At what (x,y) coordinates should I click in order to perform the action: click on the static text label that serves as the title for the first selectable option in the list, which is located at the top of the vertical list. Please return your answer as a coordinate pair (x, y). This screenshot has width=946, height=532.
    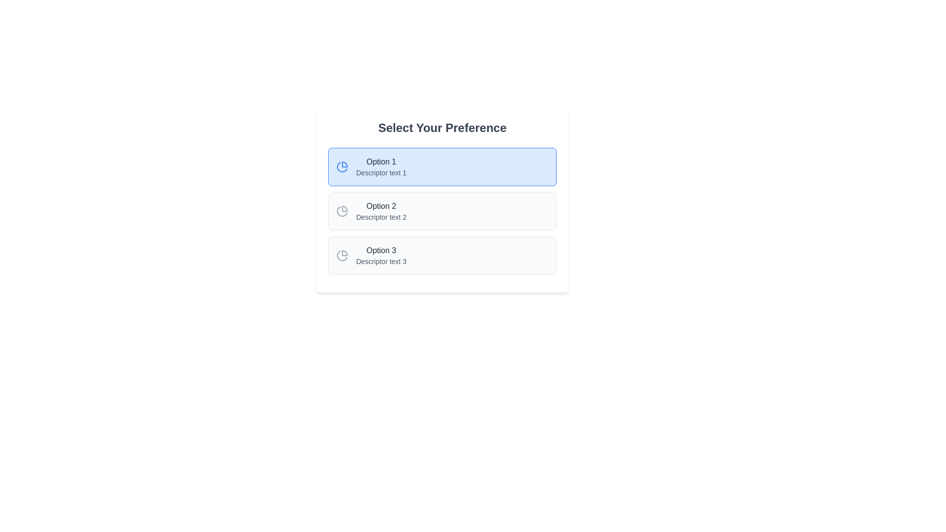
    Looking at the image, I should click on (380, 161).